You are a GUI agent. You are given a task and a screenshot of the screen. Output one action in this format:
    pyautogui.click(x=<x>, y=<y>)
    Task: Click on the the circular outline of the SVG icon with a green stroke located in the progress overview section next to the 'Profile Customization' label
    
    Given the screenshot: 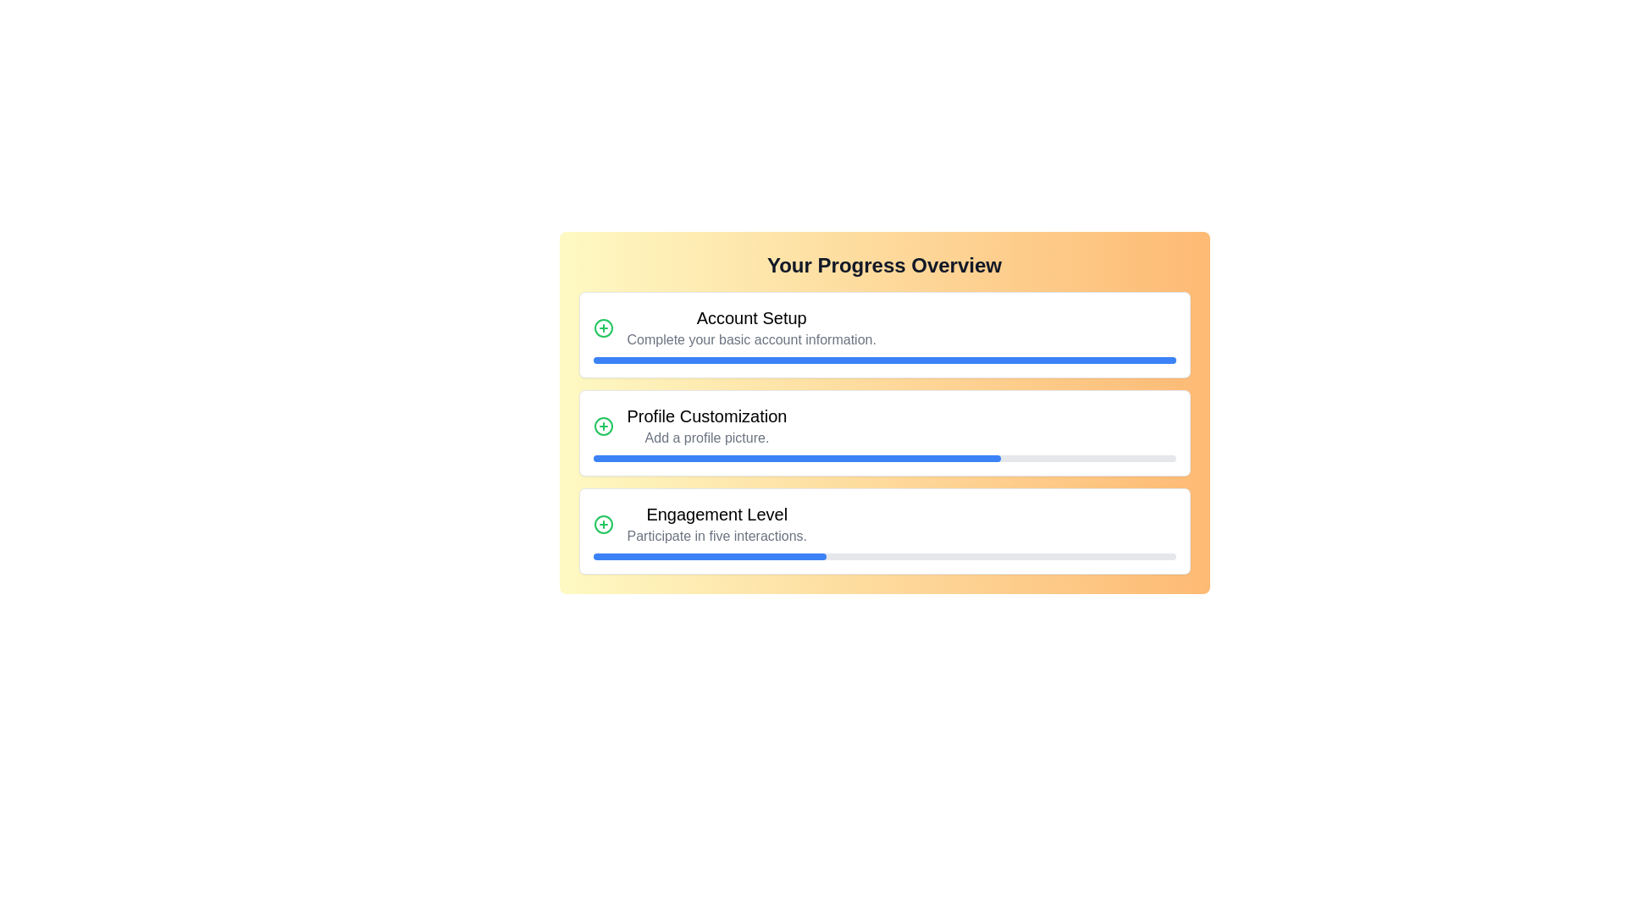 What is the action you would take?
    pyautogui.click(x=603, y=426)
    